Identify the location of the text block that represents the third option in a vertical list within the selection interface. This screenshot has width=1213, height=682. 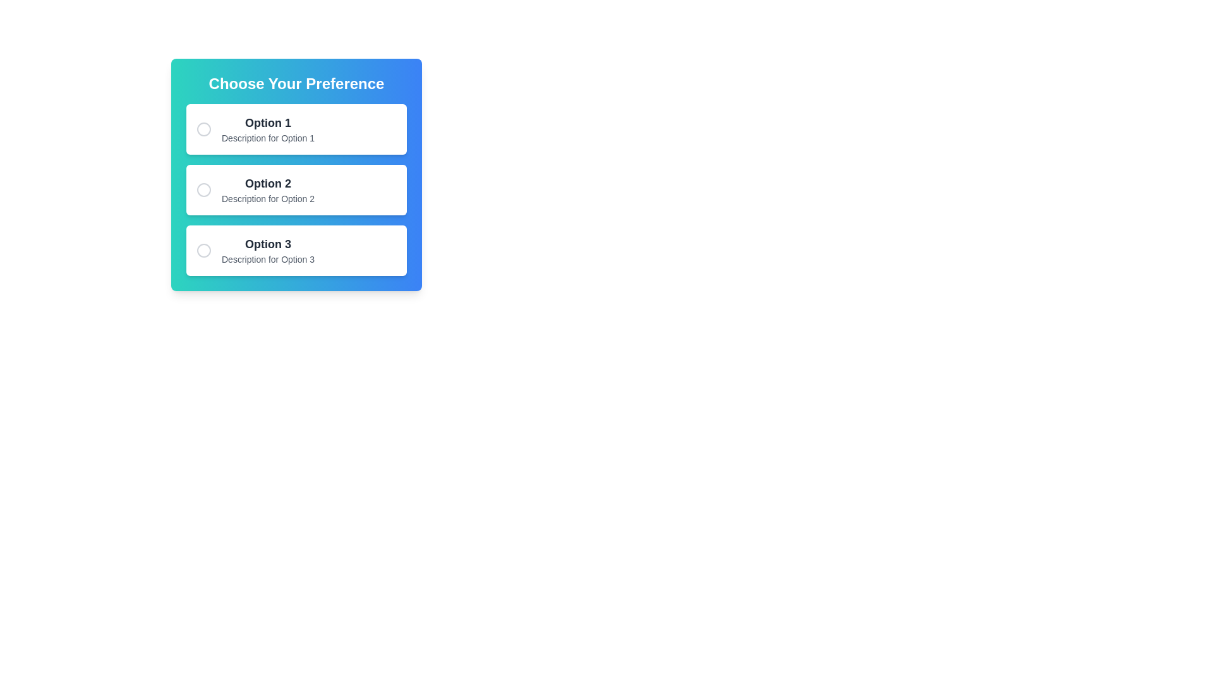
(267, 251).